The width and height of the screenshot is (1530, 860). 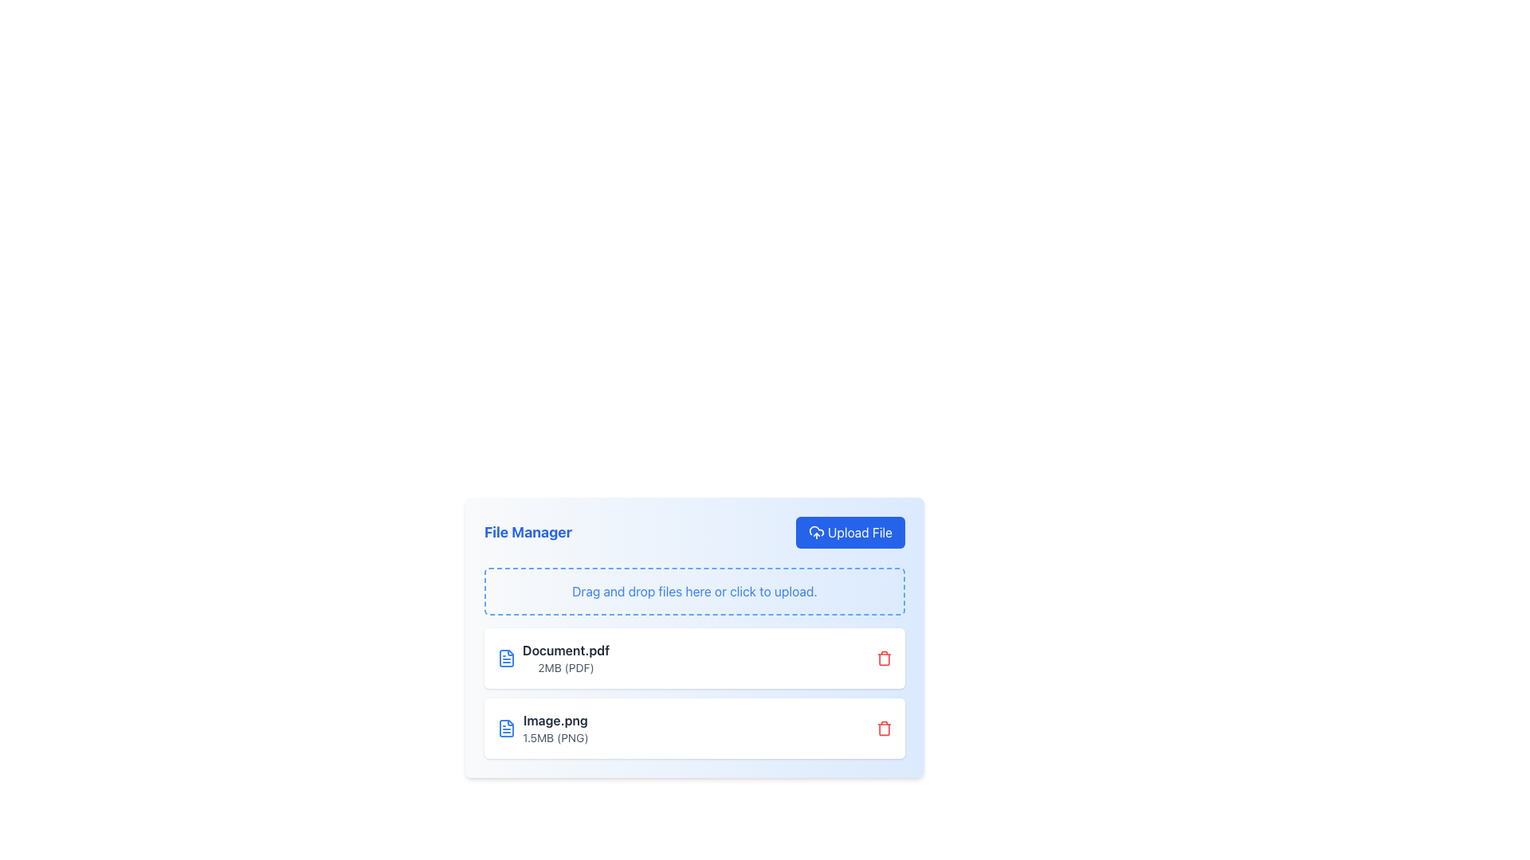 I want to click on the red trash icon button, so click(x=883, y=658).